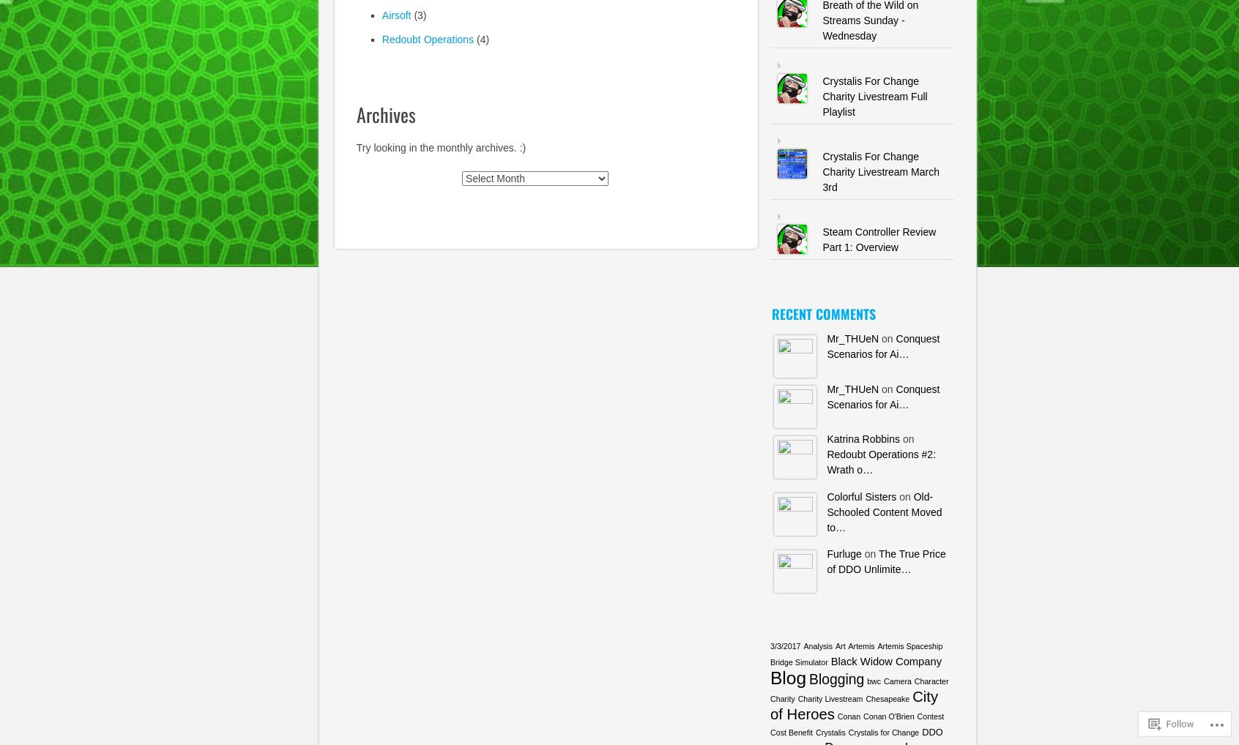 The image size is (1239, 745). I want to click on 'Artemis Spaceship Bridge Simulator', so click(855, 653).